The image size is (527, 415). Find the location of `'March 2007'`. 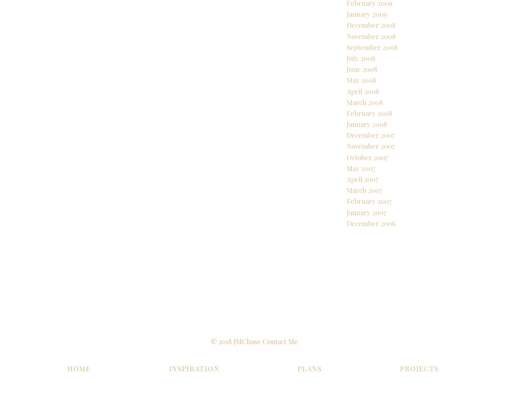

'March 2007' is located at coordinates (347, 217).